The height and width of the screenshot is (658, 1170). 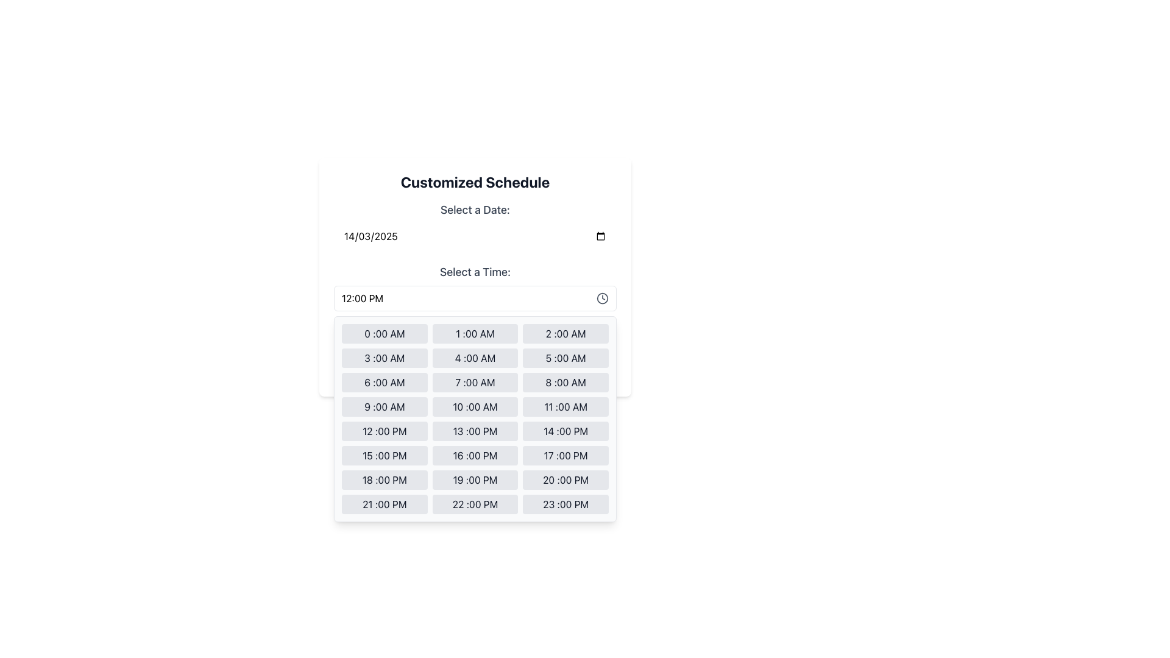 I want to click on the '5:00 AM' button located in the second row and third column of the time selection dropdown, so click(x=565, y=357).